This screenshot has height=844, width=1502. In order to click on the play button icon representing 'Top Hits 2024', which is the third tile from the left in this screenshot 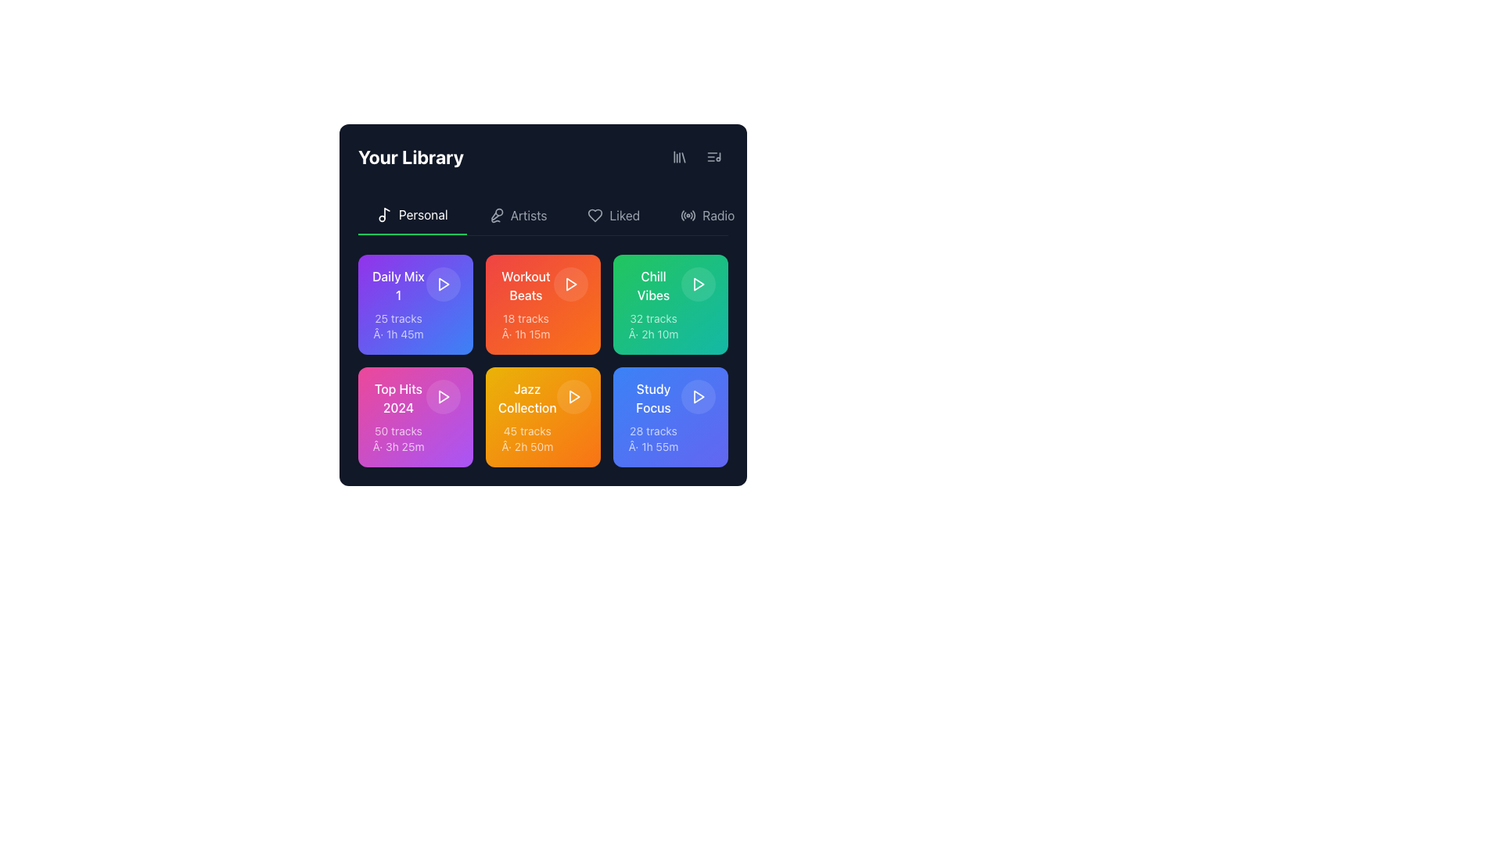, I will do `click(443, 396)`.